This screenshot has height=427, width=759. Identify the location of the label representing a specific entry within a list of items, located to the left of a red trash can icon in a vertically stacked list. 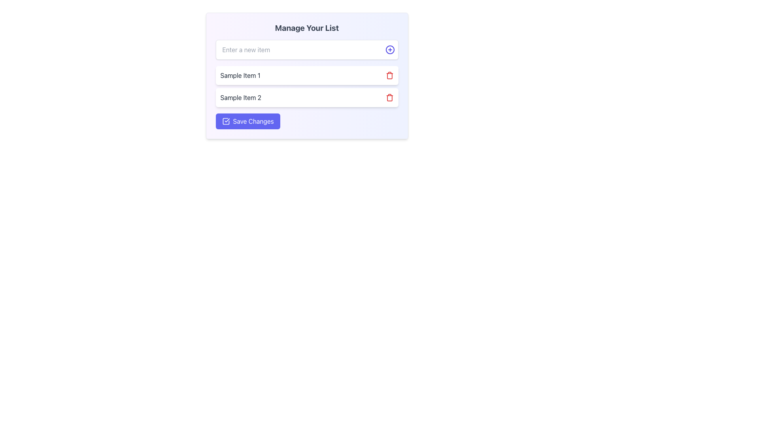
(240, 76).